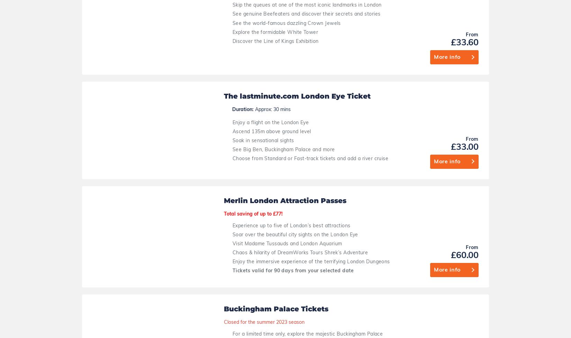 Image resolution: width=571 pixels, height=338 pixels. What do you see at coordinates (295, 189) in the screenshot?
I see `'A fully guided 60-minute tour of Chelsea FC Stadium'` at bounding box center [295, 189].